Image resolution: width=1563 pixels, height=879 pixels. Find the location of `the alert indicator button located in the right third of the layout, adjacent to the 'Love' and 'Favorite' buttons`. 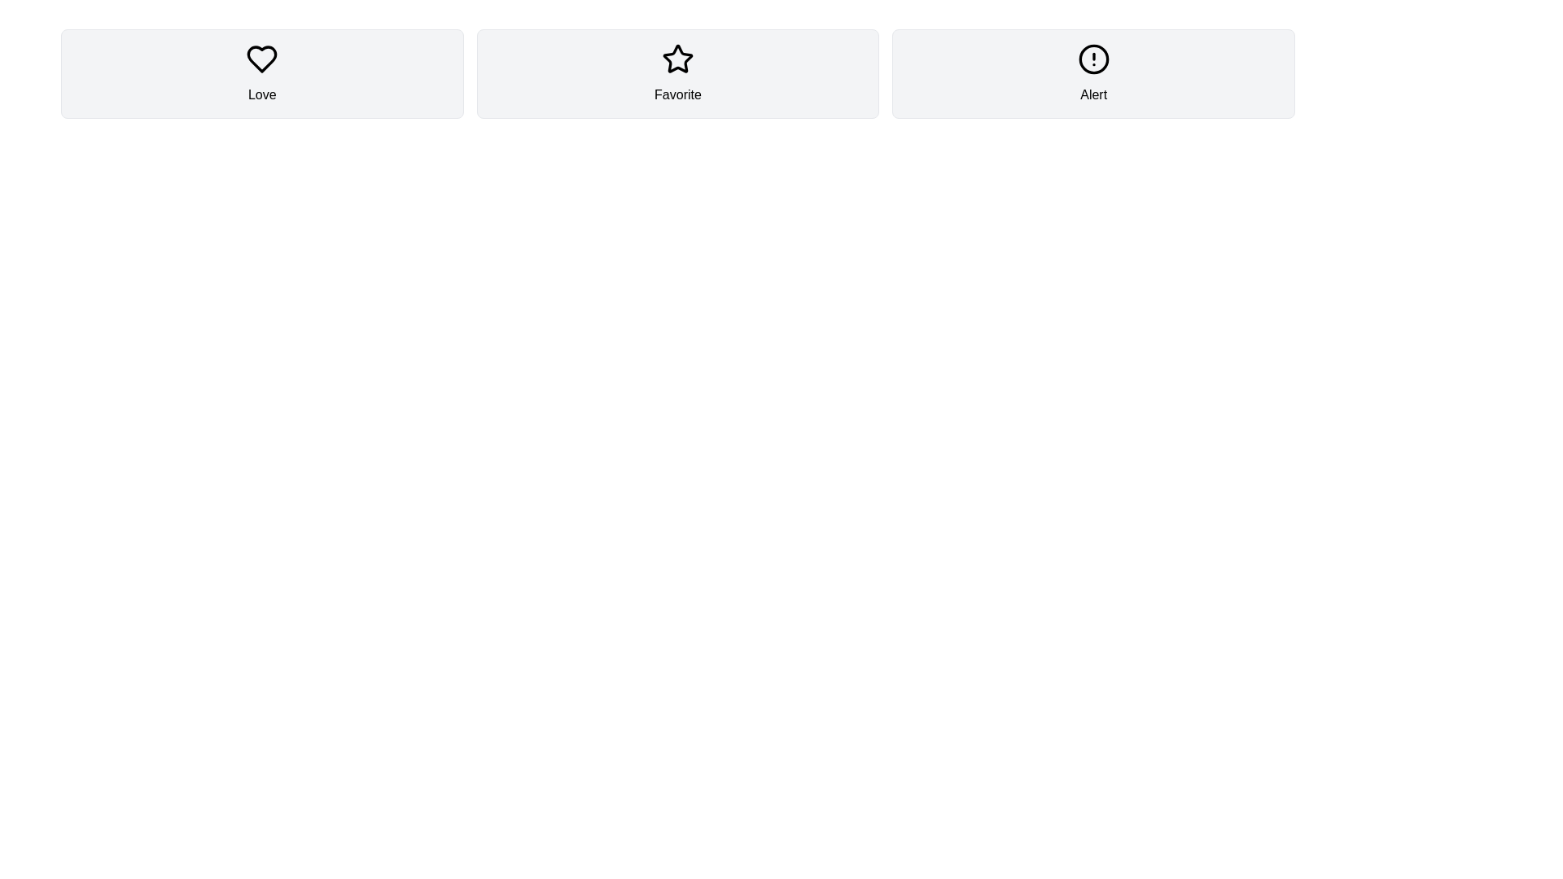

the alert indicator button located in the right third of the layout, adjacent to the 'Love' and 'Favorite' buttons is located at coordinates (1093, 74).